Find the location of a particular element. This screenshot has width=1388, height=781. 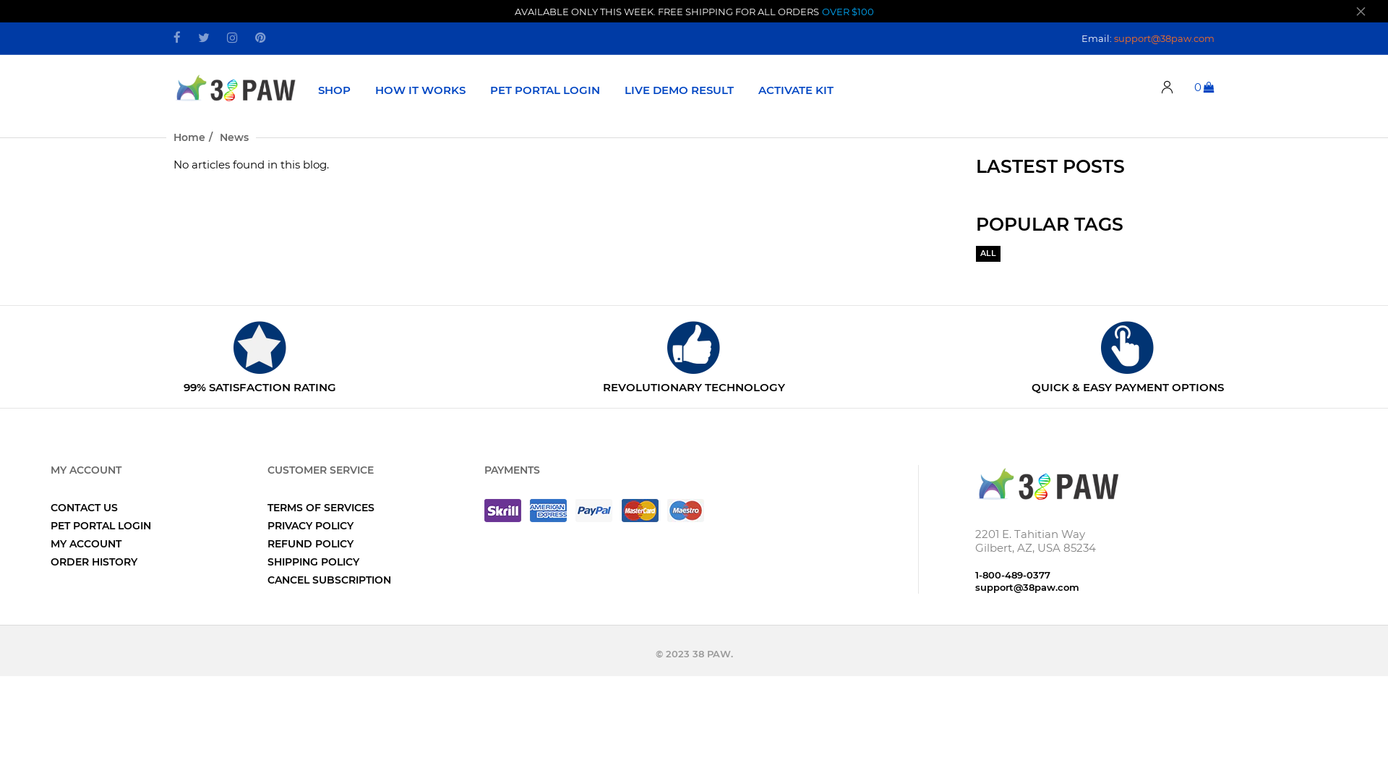

'Twitter' is located at coordinates (203, 38).